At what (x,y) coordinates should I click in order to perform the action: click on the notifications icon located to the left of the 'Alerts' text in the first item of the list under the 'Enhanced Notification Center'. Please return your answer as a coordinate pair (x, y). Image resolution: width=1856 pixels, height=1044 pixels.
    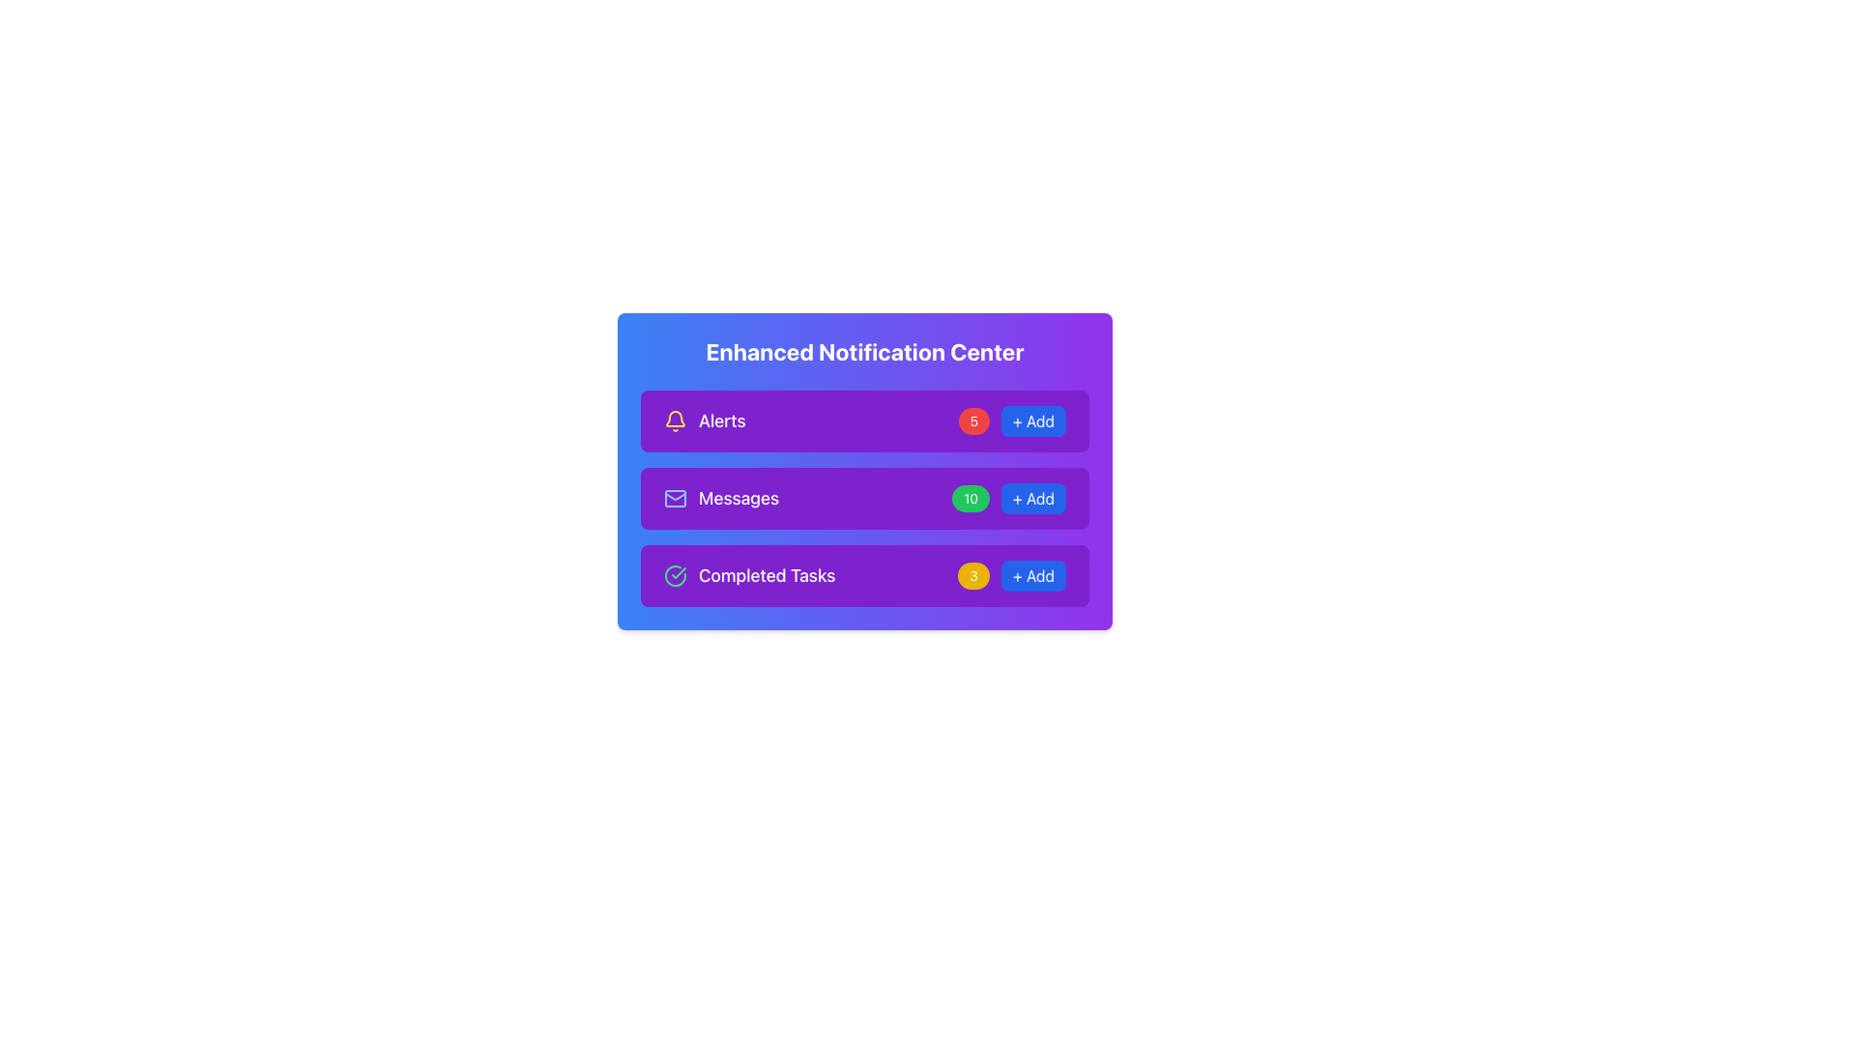
    Looking at the image, I should click on (676, 420).